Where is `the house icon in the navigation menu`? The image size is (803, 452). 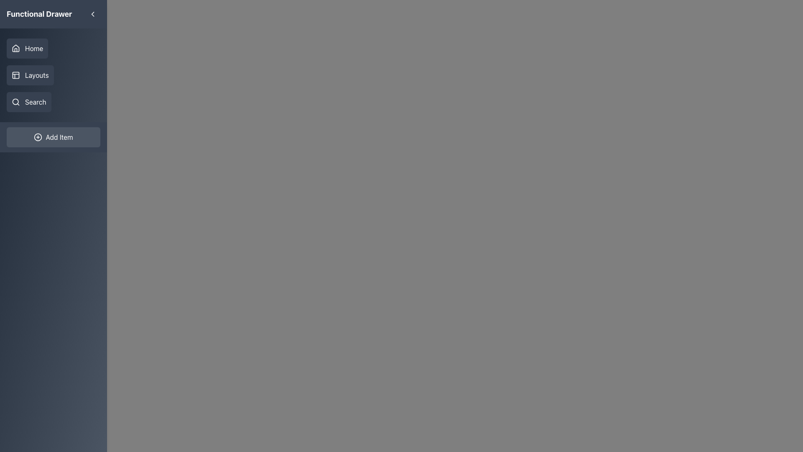
the house icon in the navigation menu is located at coordinates (16, 48).